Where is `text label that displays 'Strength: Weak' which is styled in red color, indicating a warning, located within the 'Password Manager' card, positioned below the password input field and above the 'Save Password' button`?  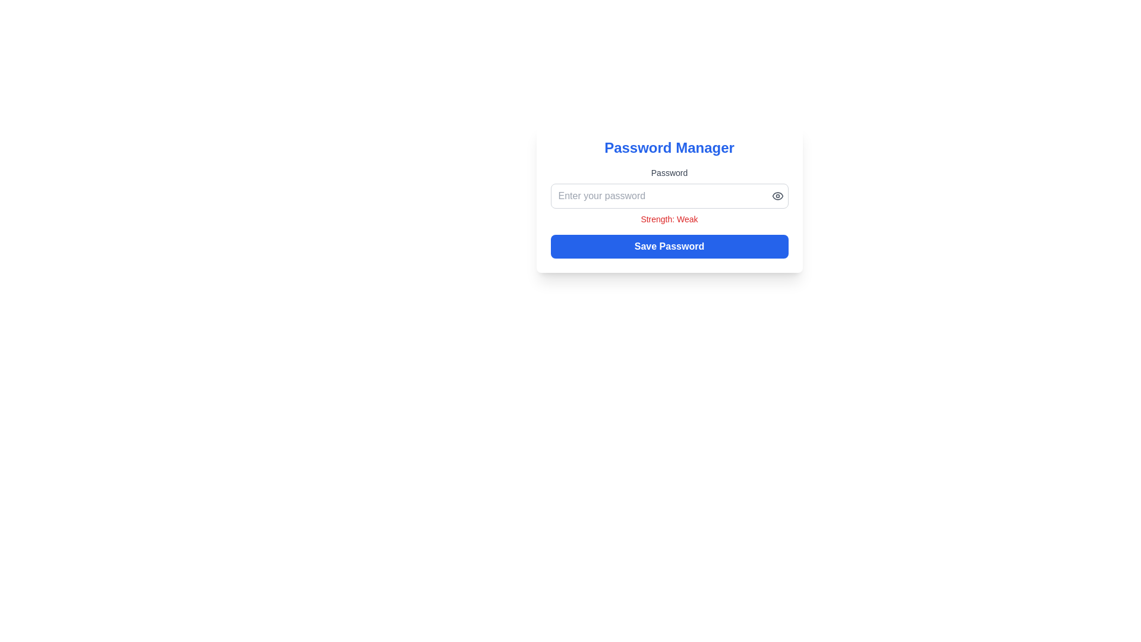
text label that displays 'Strength: Weak' which is styled in red color, indicating a warning, located within the 'Password Manager' card, positioned below the password input field and above the 'Save Password' button is located at coordinates (669, 219).